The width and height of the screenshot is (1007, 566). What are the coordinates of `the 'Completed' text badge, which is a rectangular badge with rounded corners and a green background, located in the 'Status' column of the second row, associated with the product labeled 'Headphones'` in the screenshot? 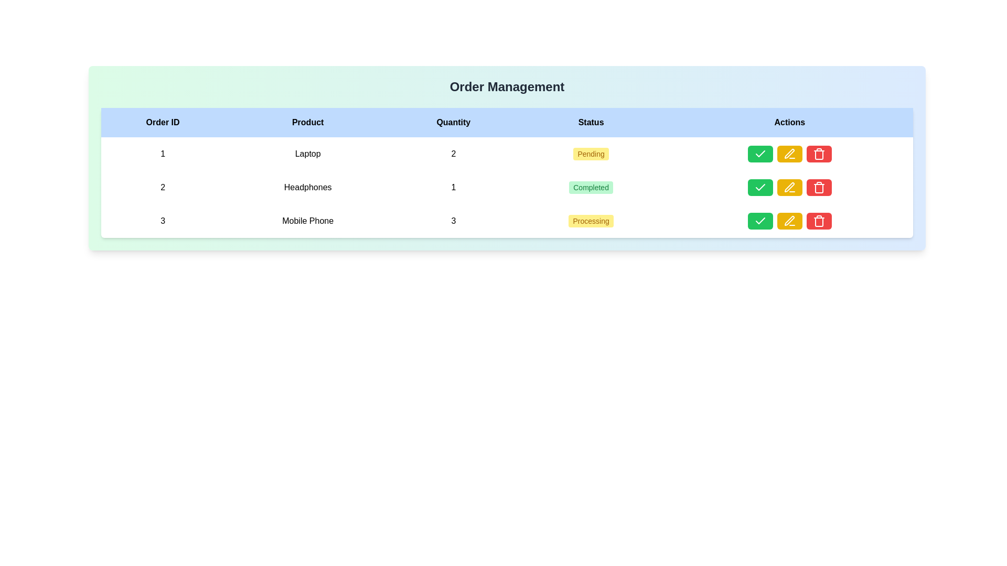 It's located at (591, 187).